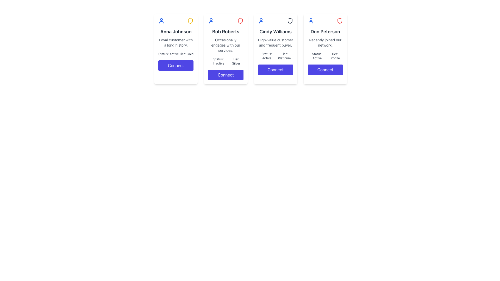 This screenshot has height=281, width=500. What do you see at coordinates (290, 21) in the screenshot?
I see `the shield icon, which is styled with a gray color and located at the top right corner of the user card for 'Cindy Williams'` at bounding box center [290, 21].